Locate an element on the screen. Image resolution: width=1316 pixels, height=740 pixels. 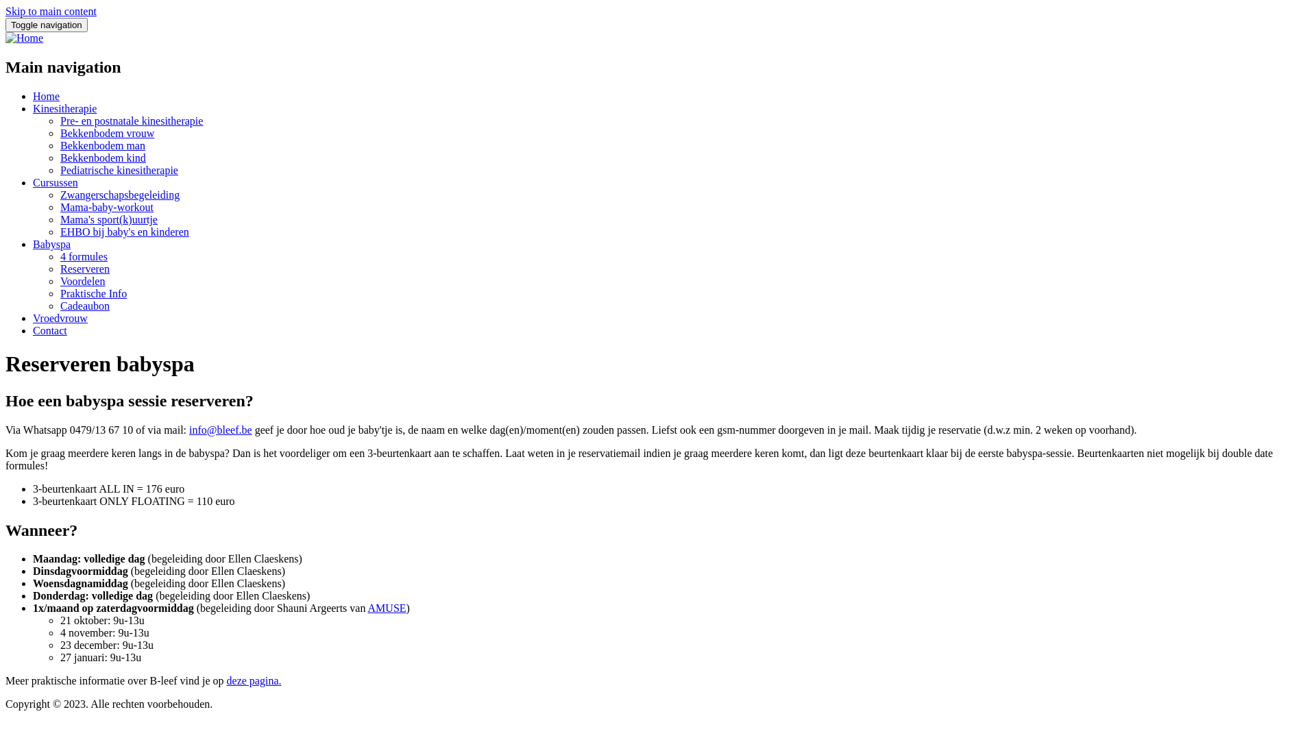
'Pre- en postnatale kinesitherapie' is located at coordinates (132, 120).